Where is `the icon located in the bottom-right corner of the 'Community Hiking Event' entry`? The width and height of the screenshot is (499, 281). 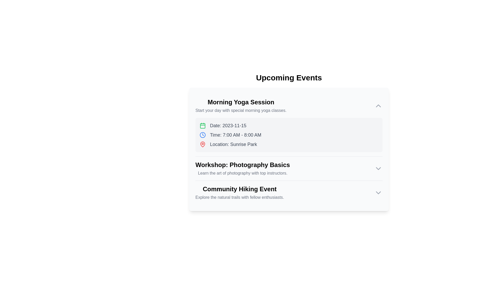 the icon located in the bottom-right corner of the 'Community Hiking Event' entry is located at coordinates (378, 169).